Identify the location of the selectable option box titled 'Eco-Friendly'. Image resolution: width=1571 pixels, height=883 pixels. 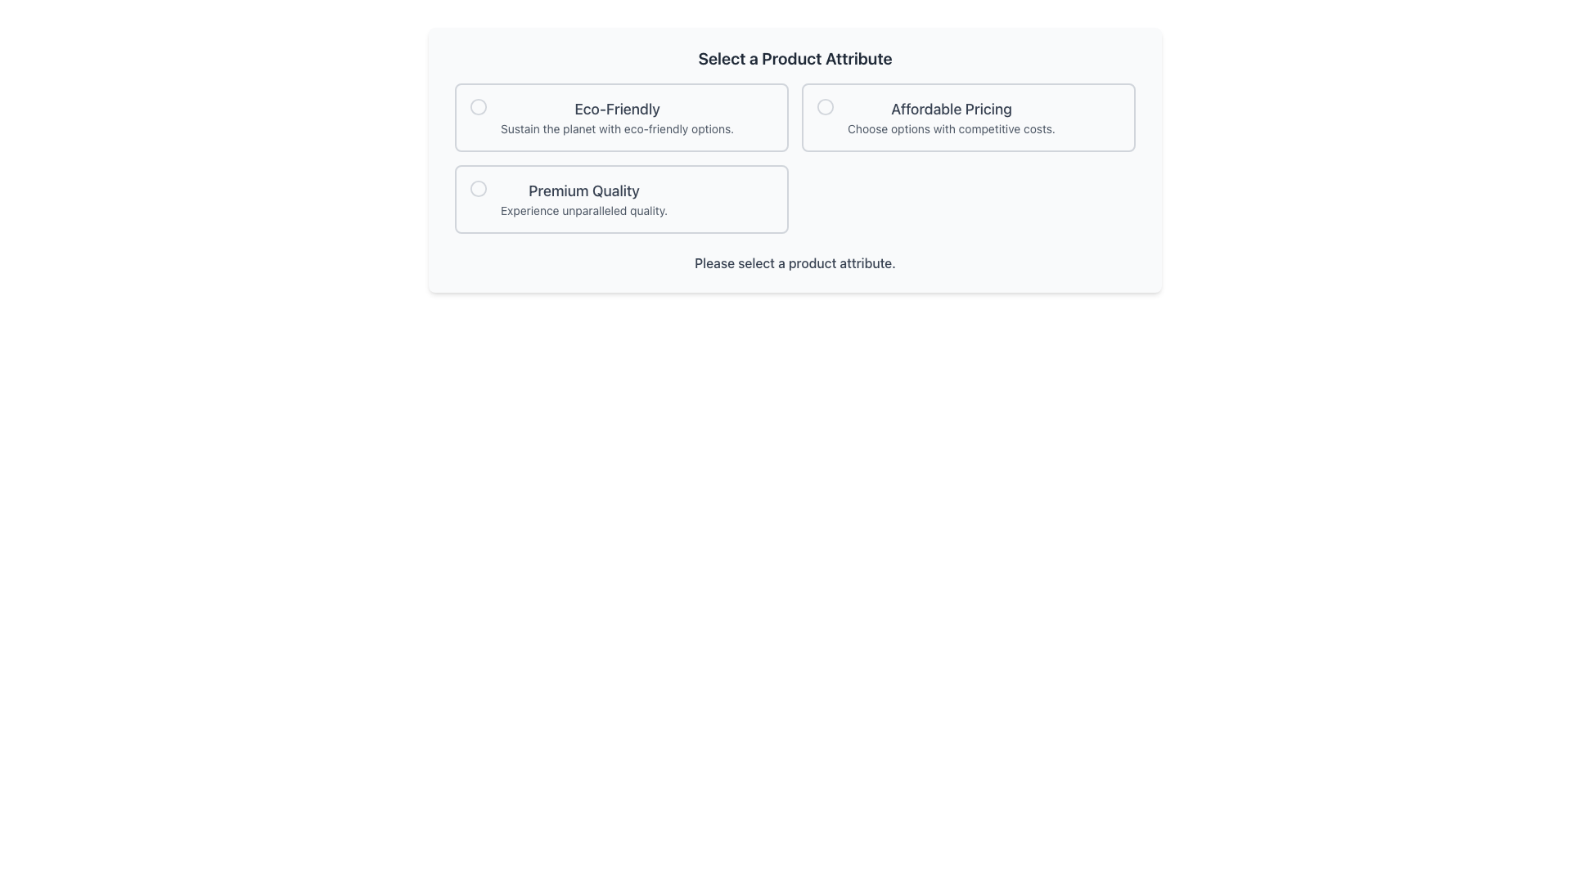
(620, 116).